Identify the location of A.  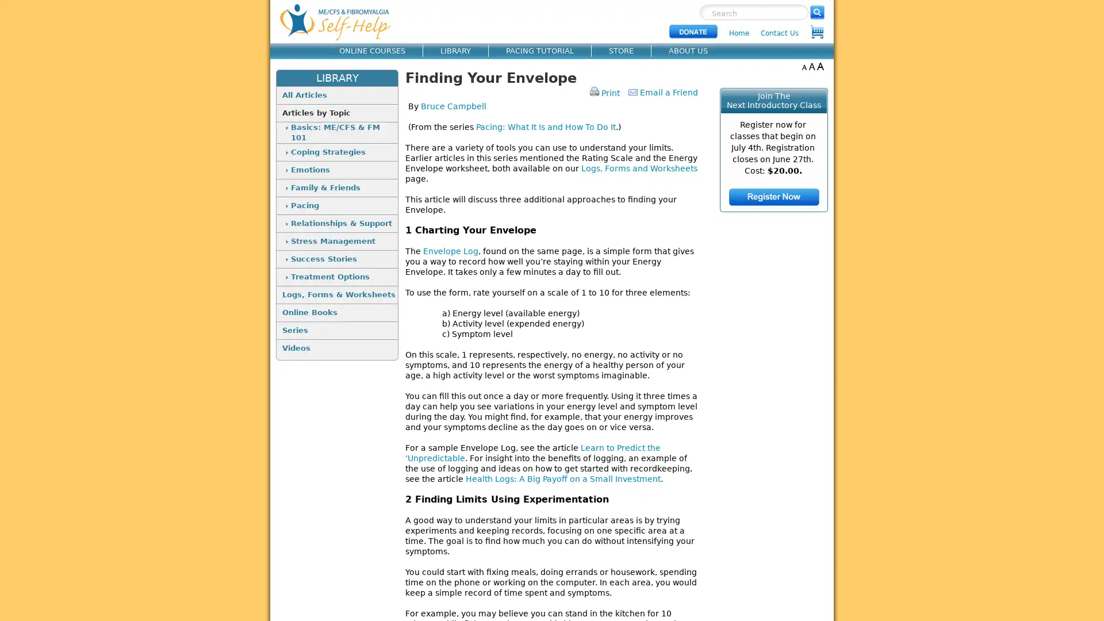
(819, 66).